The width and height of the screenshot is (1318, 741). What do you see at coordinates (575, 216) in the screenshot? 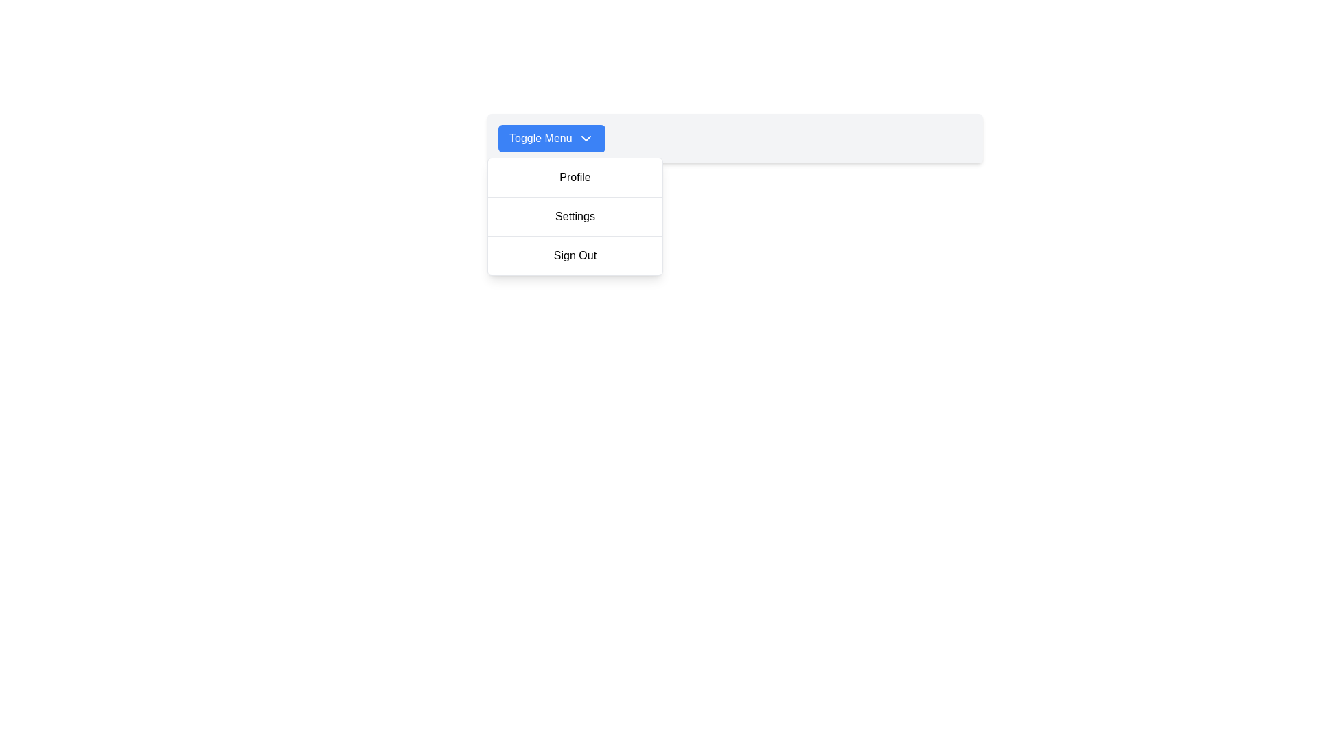
I see `the 'Settings' option in the dropdown menu located beneath the 'Toggle Menu' button` at bounding box center [575, 216].